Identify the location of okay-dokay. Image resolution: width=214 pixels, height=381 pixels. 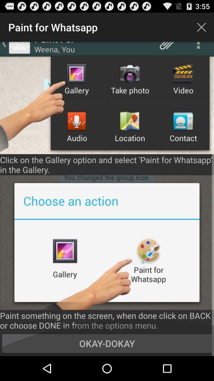
(107, 343).